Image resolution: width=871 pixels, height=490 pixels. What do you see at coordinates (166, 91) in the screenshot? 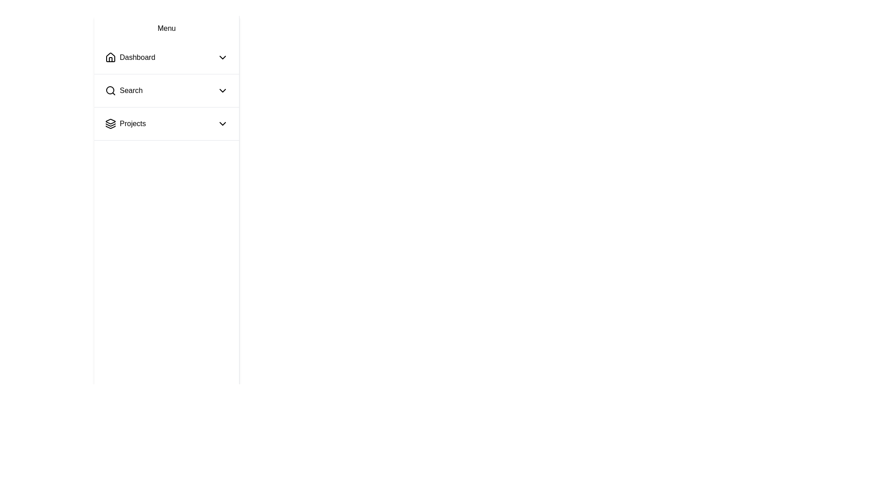
I see `the second item in the vertical menu list, which is positioned below the 'Dashboard' item and above the 'Projects' item` at bounding box center [166, 91].